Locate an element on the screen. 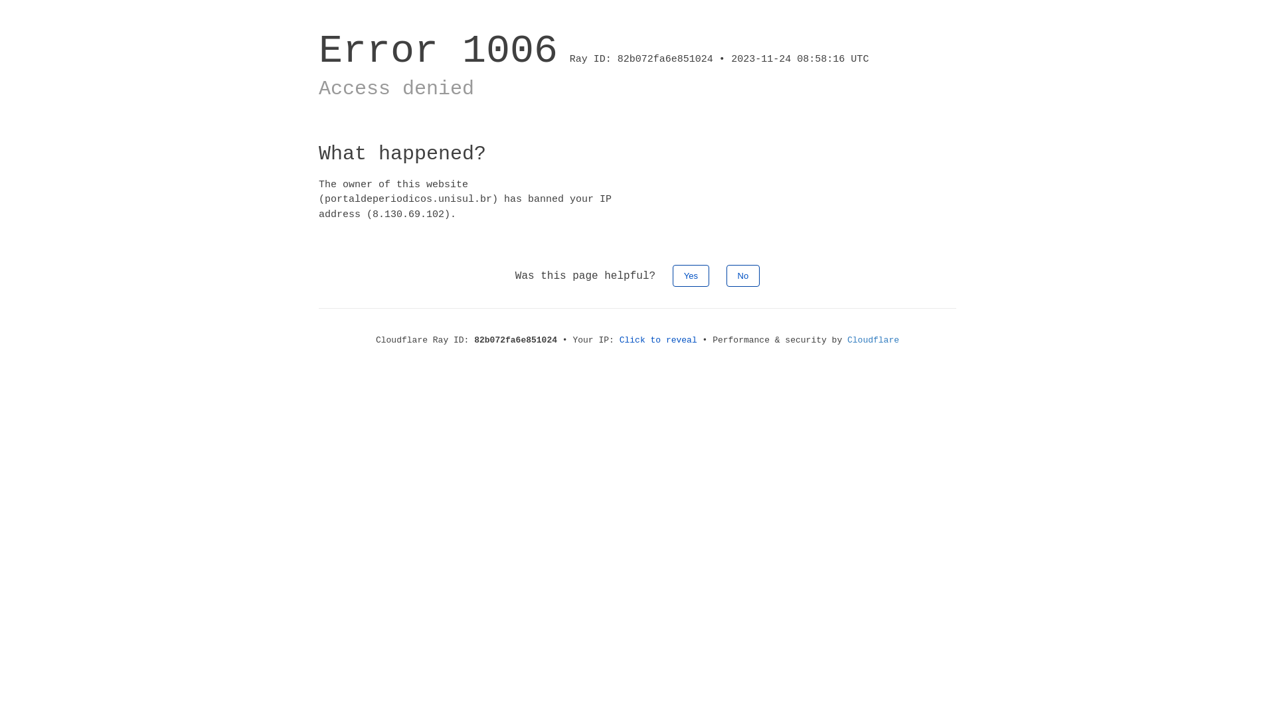 The width and height of the screenshot is (1275, 717). 'No' is located at coordinates (726, 275).